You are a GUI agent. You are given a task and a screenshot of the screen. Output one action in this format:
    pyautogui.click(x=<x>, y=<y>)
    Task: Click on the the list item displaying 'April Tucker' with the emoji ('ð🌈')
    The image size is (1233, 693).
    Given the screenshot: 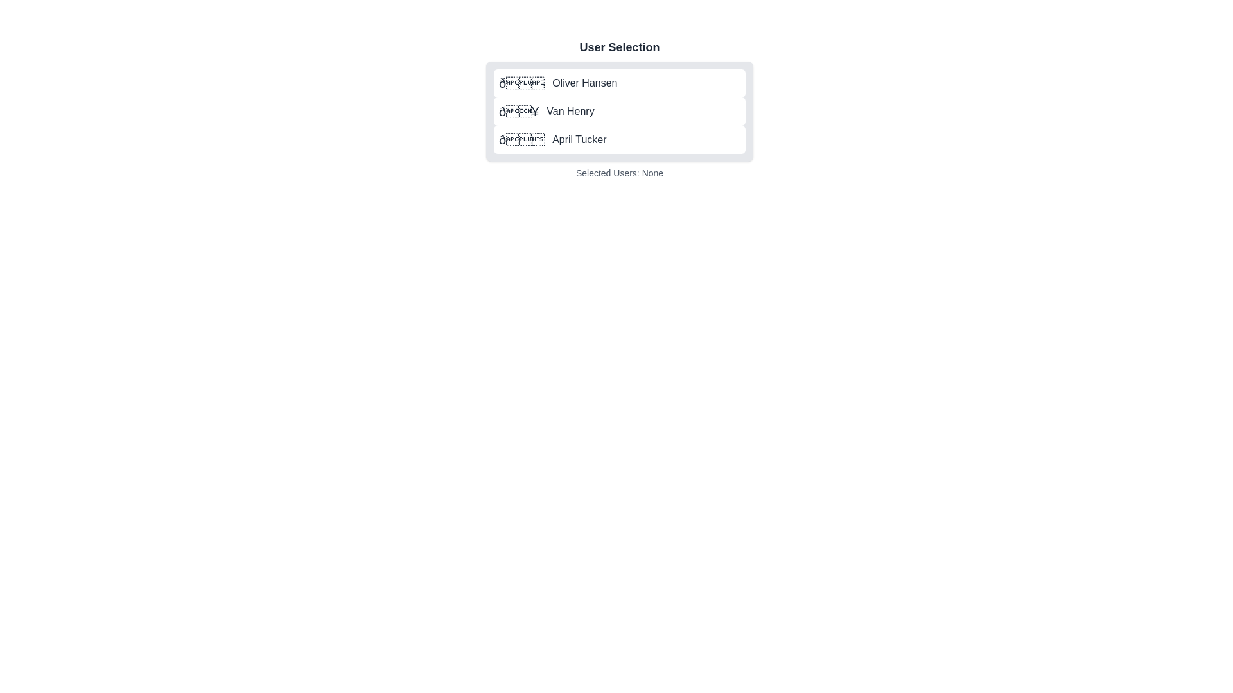 What is the action you would take?
    pyautogui.click(x=552, y=140)
    